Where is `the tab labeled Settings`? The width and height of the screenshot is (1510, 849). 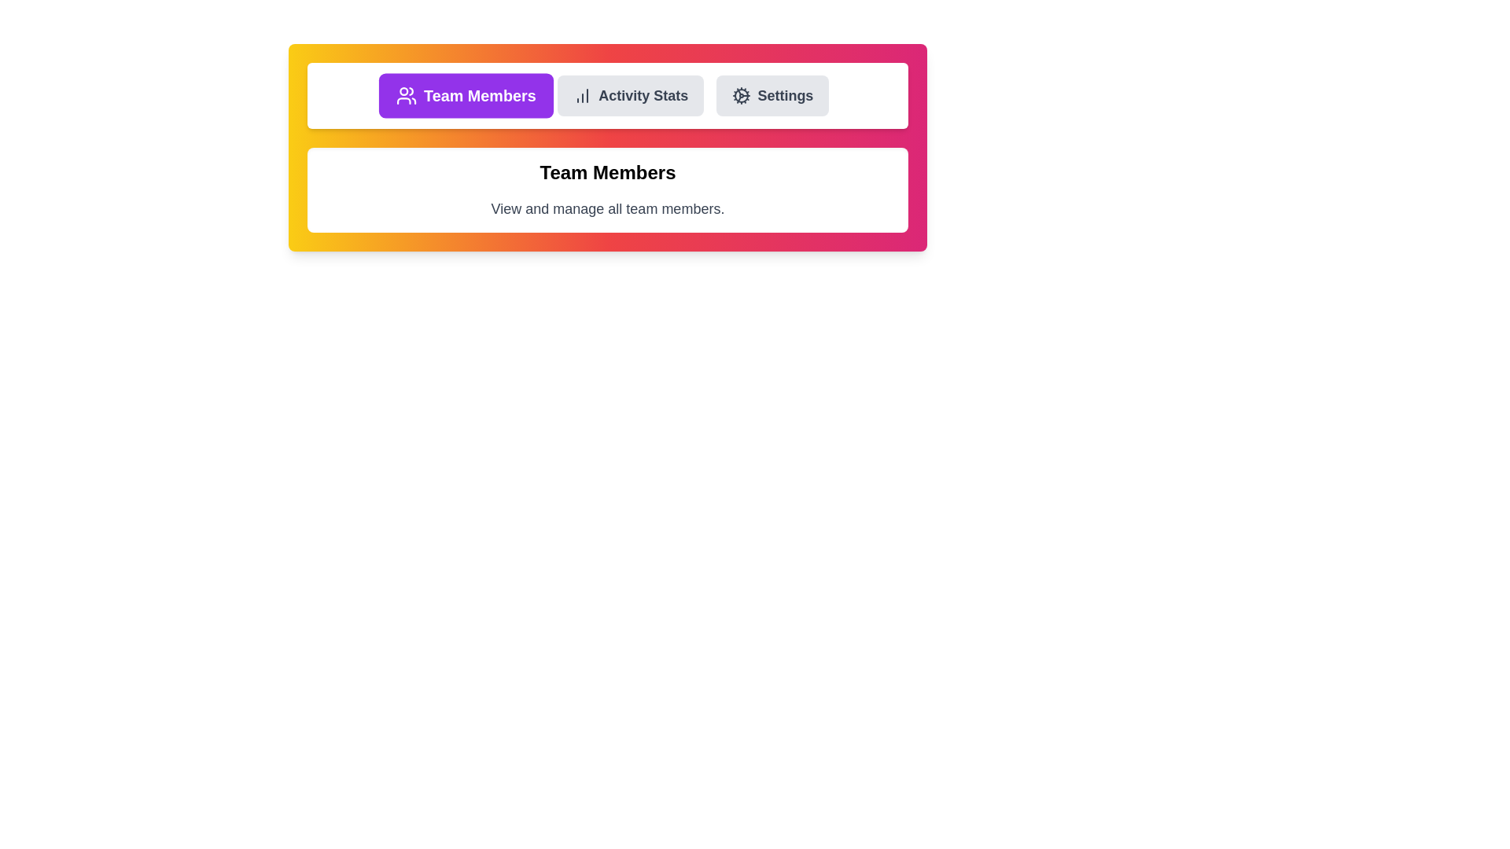
the tab labeled Settings is located at coordinates (772, 96).